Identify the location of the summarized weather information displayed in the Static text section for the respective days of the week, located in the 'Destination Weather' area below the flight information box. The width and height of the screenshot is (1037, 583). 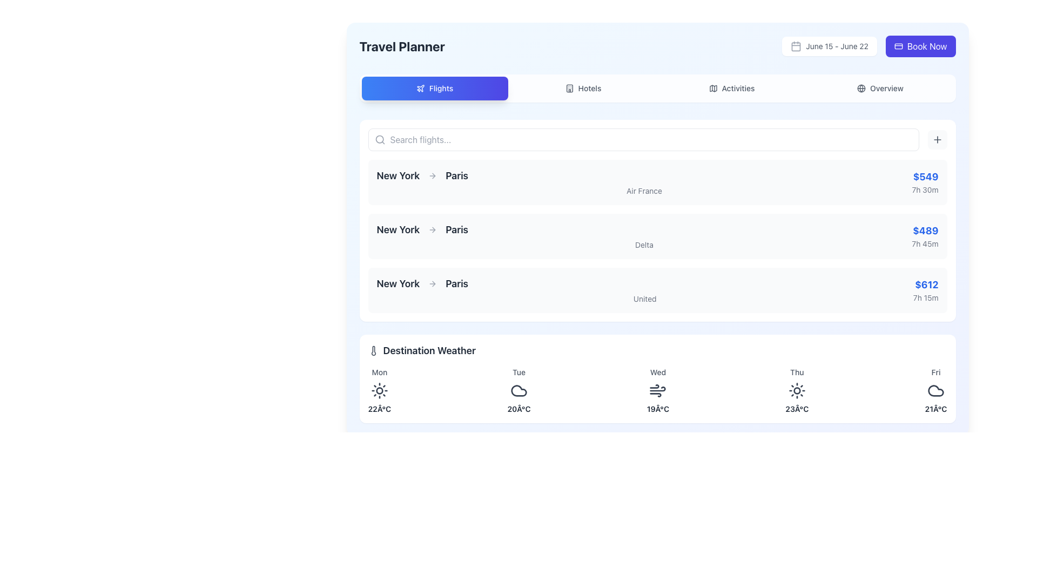
(657, 391).